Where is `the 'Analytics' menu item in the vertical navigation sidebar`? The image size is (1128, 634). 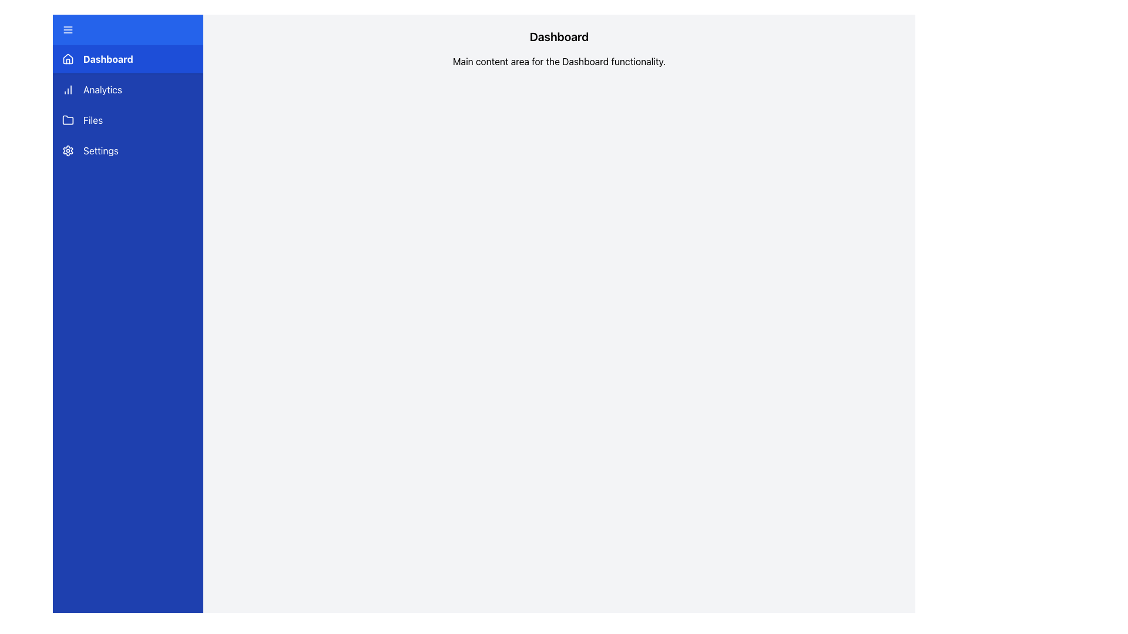 the 'Analytics' menu item in the vertical navigation sidebar is located at coordinates (127, 89).